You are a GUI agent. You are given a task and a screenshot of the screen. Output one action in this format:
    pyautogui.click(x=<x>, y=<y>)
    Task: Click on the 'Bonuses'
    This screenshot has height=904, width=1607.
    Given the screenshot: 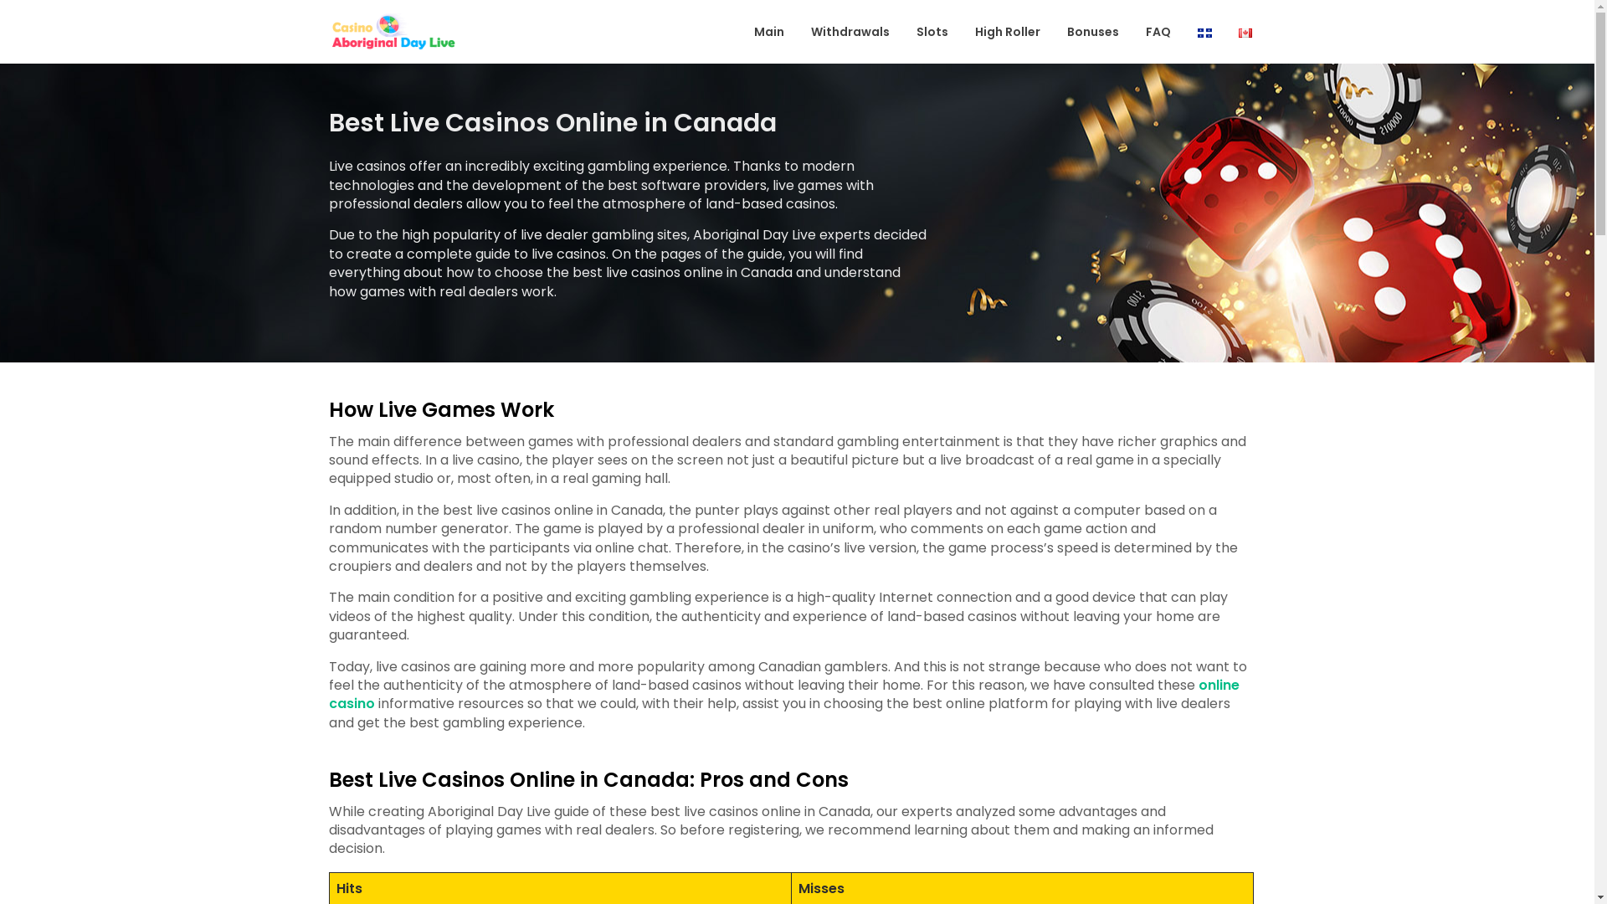 What is the action you would take?
    pyautogui.click(x=1092, y=32)
    